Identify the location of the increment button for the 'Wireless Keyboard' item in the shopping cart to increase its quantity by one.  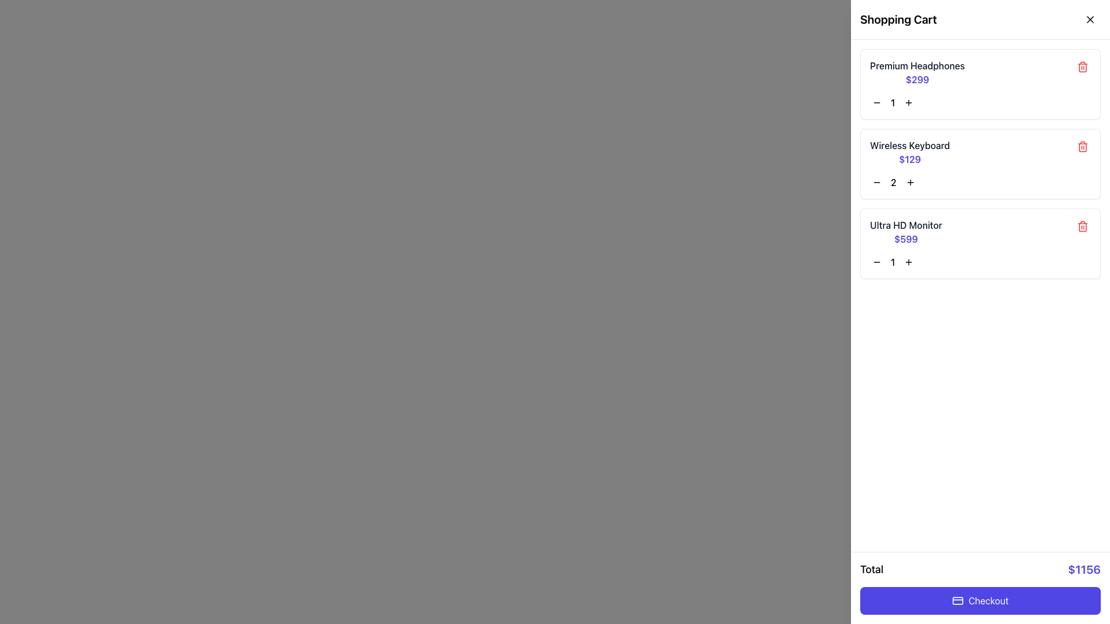
(909, 182).